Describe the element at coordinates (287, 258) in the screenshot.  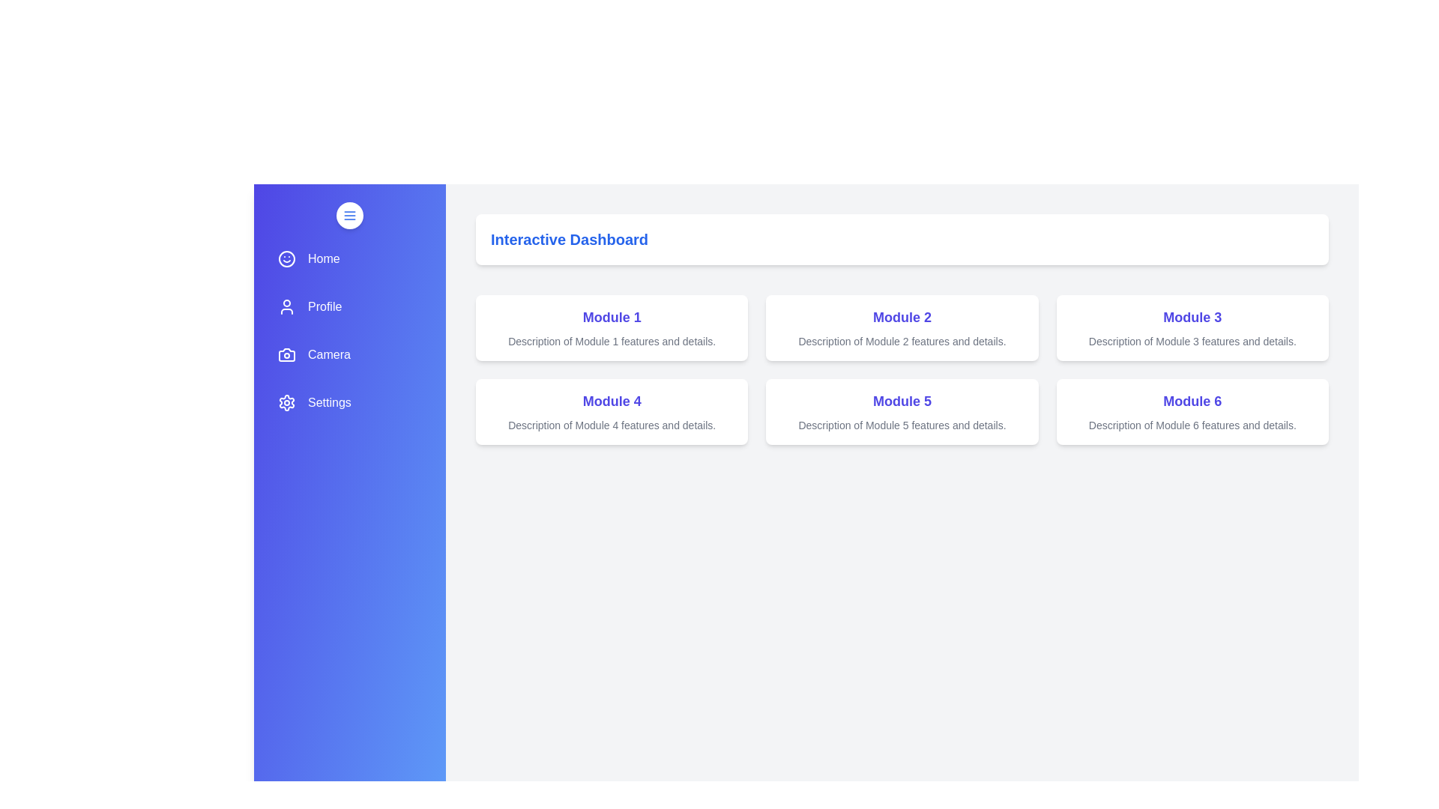
I see `the 'Home' navigation icon located on the left-hand side panel` at that location.